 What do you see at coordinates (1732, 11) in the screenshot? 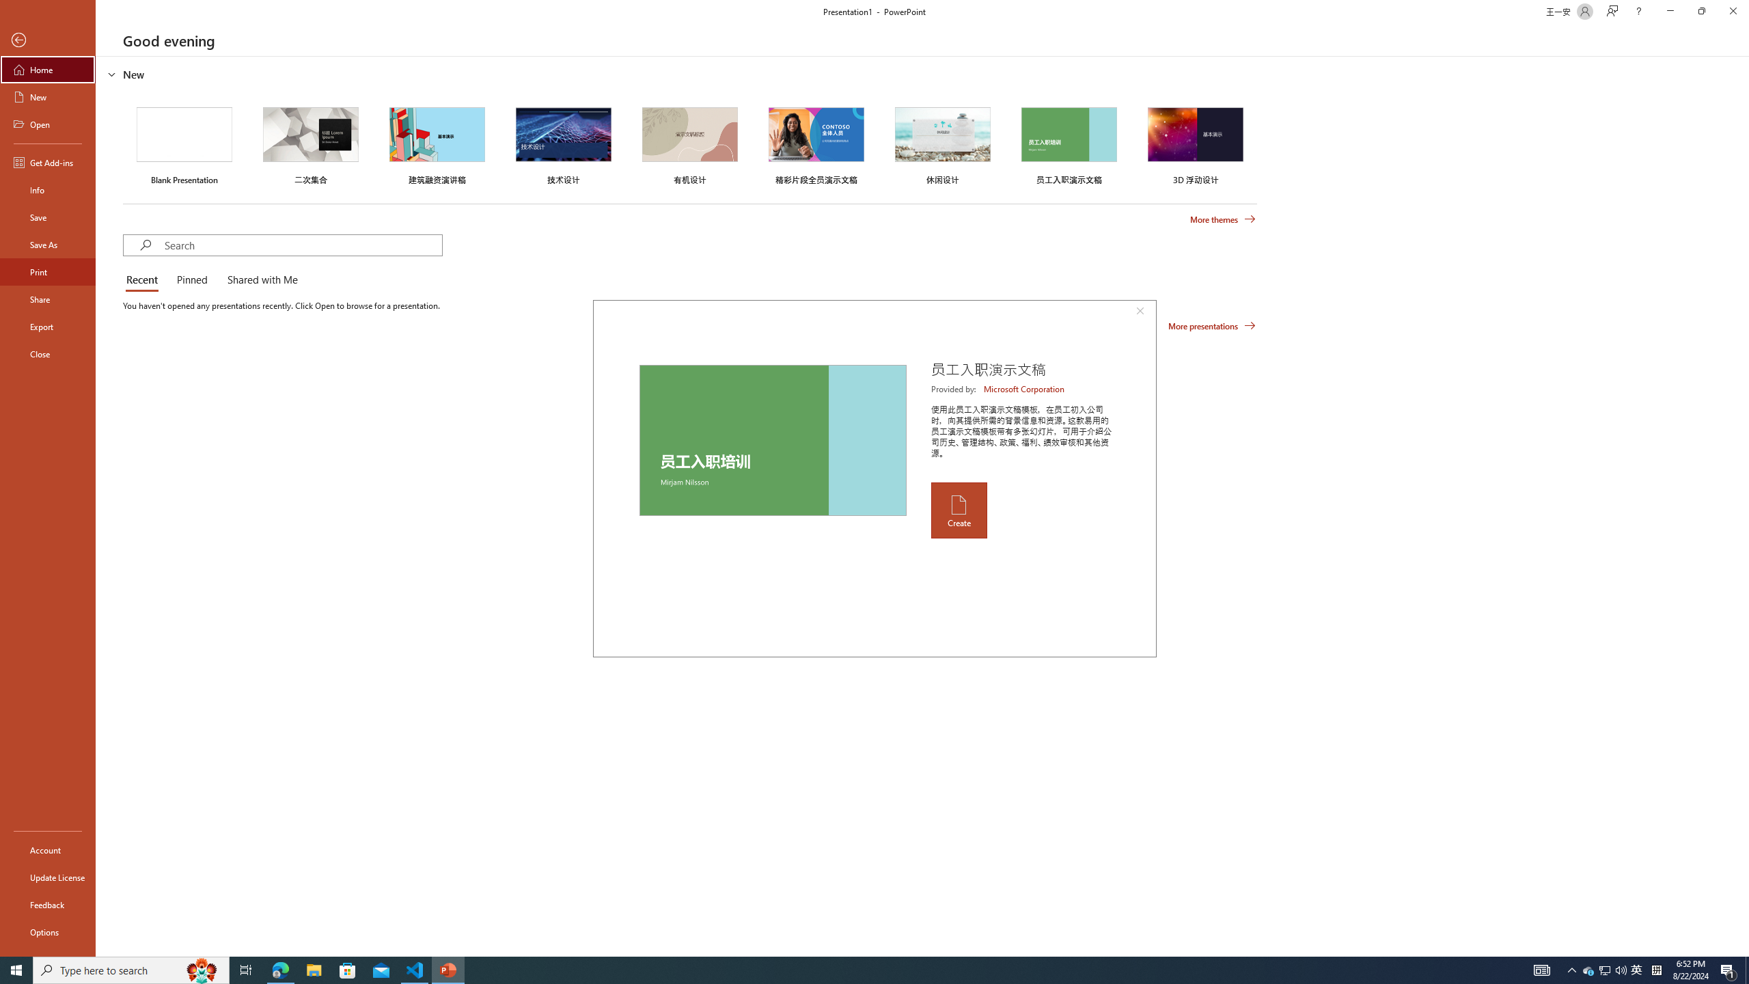
I see `'Close'` at bounding box center [1732, 11].